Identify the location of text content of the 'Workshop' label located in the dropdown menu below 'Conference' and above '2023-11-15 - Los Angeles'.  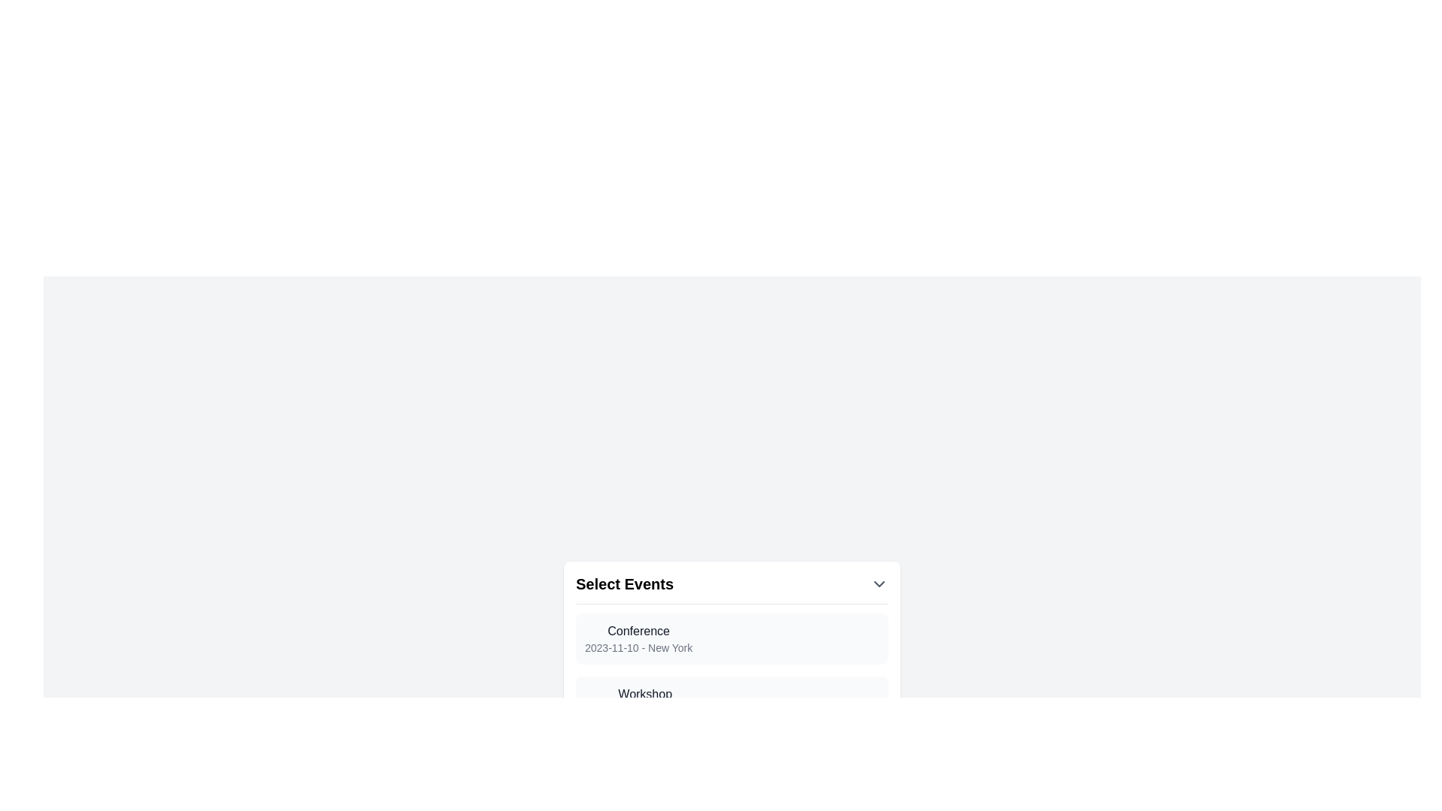
(645, 694).